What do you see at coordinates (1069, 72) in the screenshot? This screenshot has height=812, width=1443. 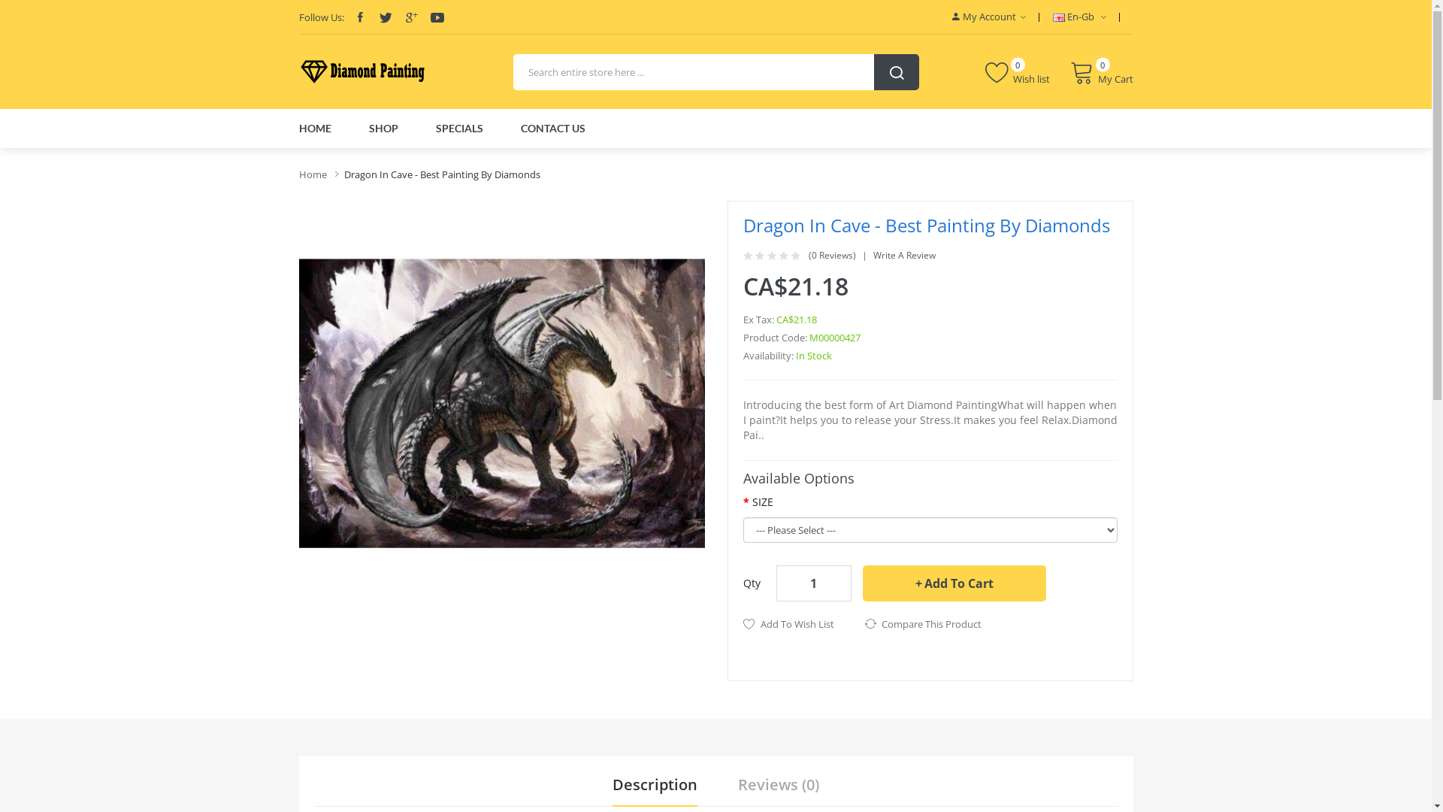 I see `'0` at bounding box center [1069, 72].